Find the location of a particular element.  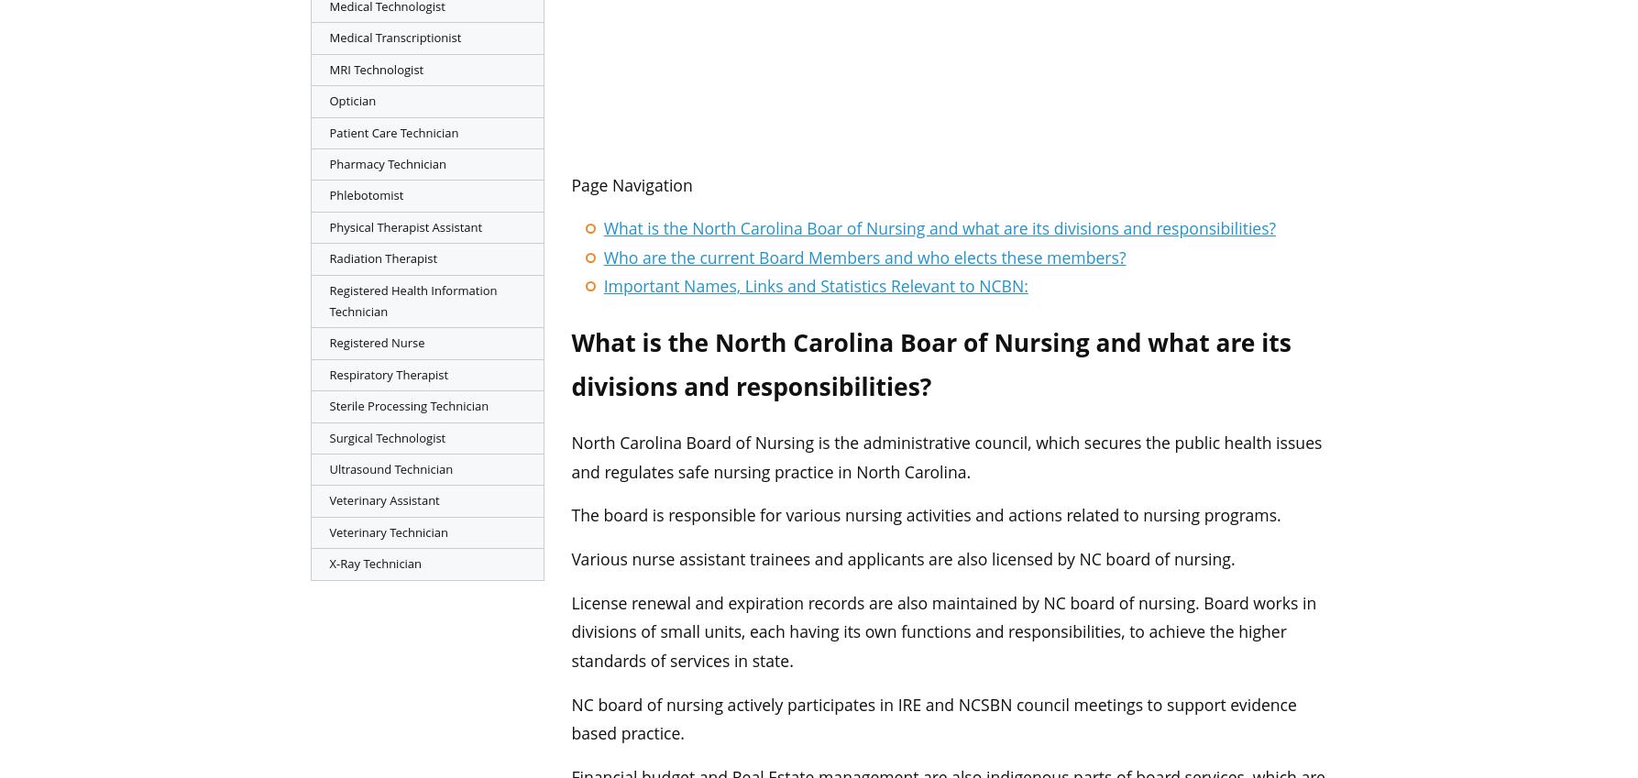

'Sterile Processing Technician' is located at coordinates (409, 406).